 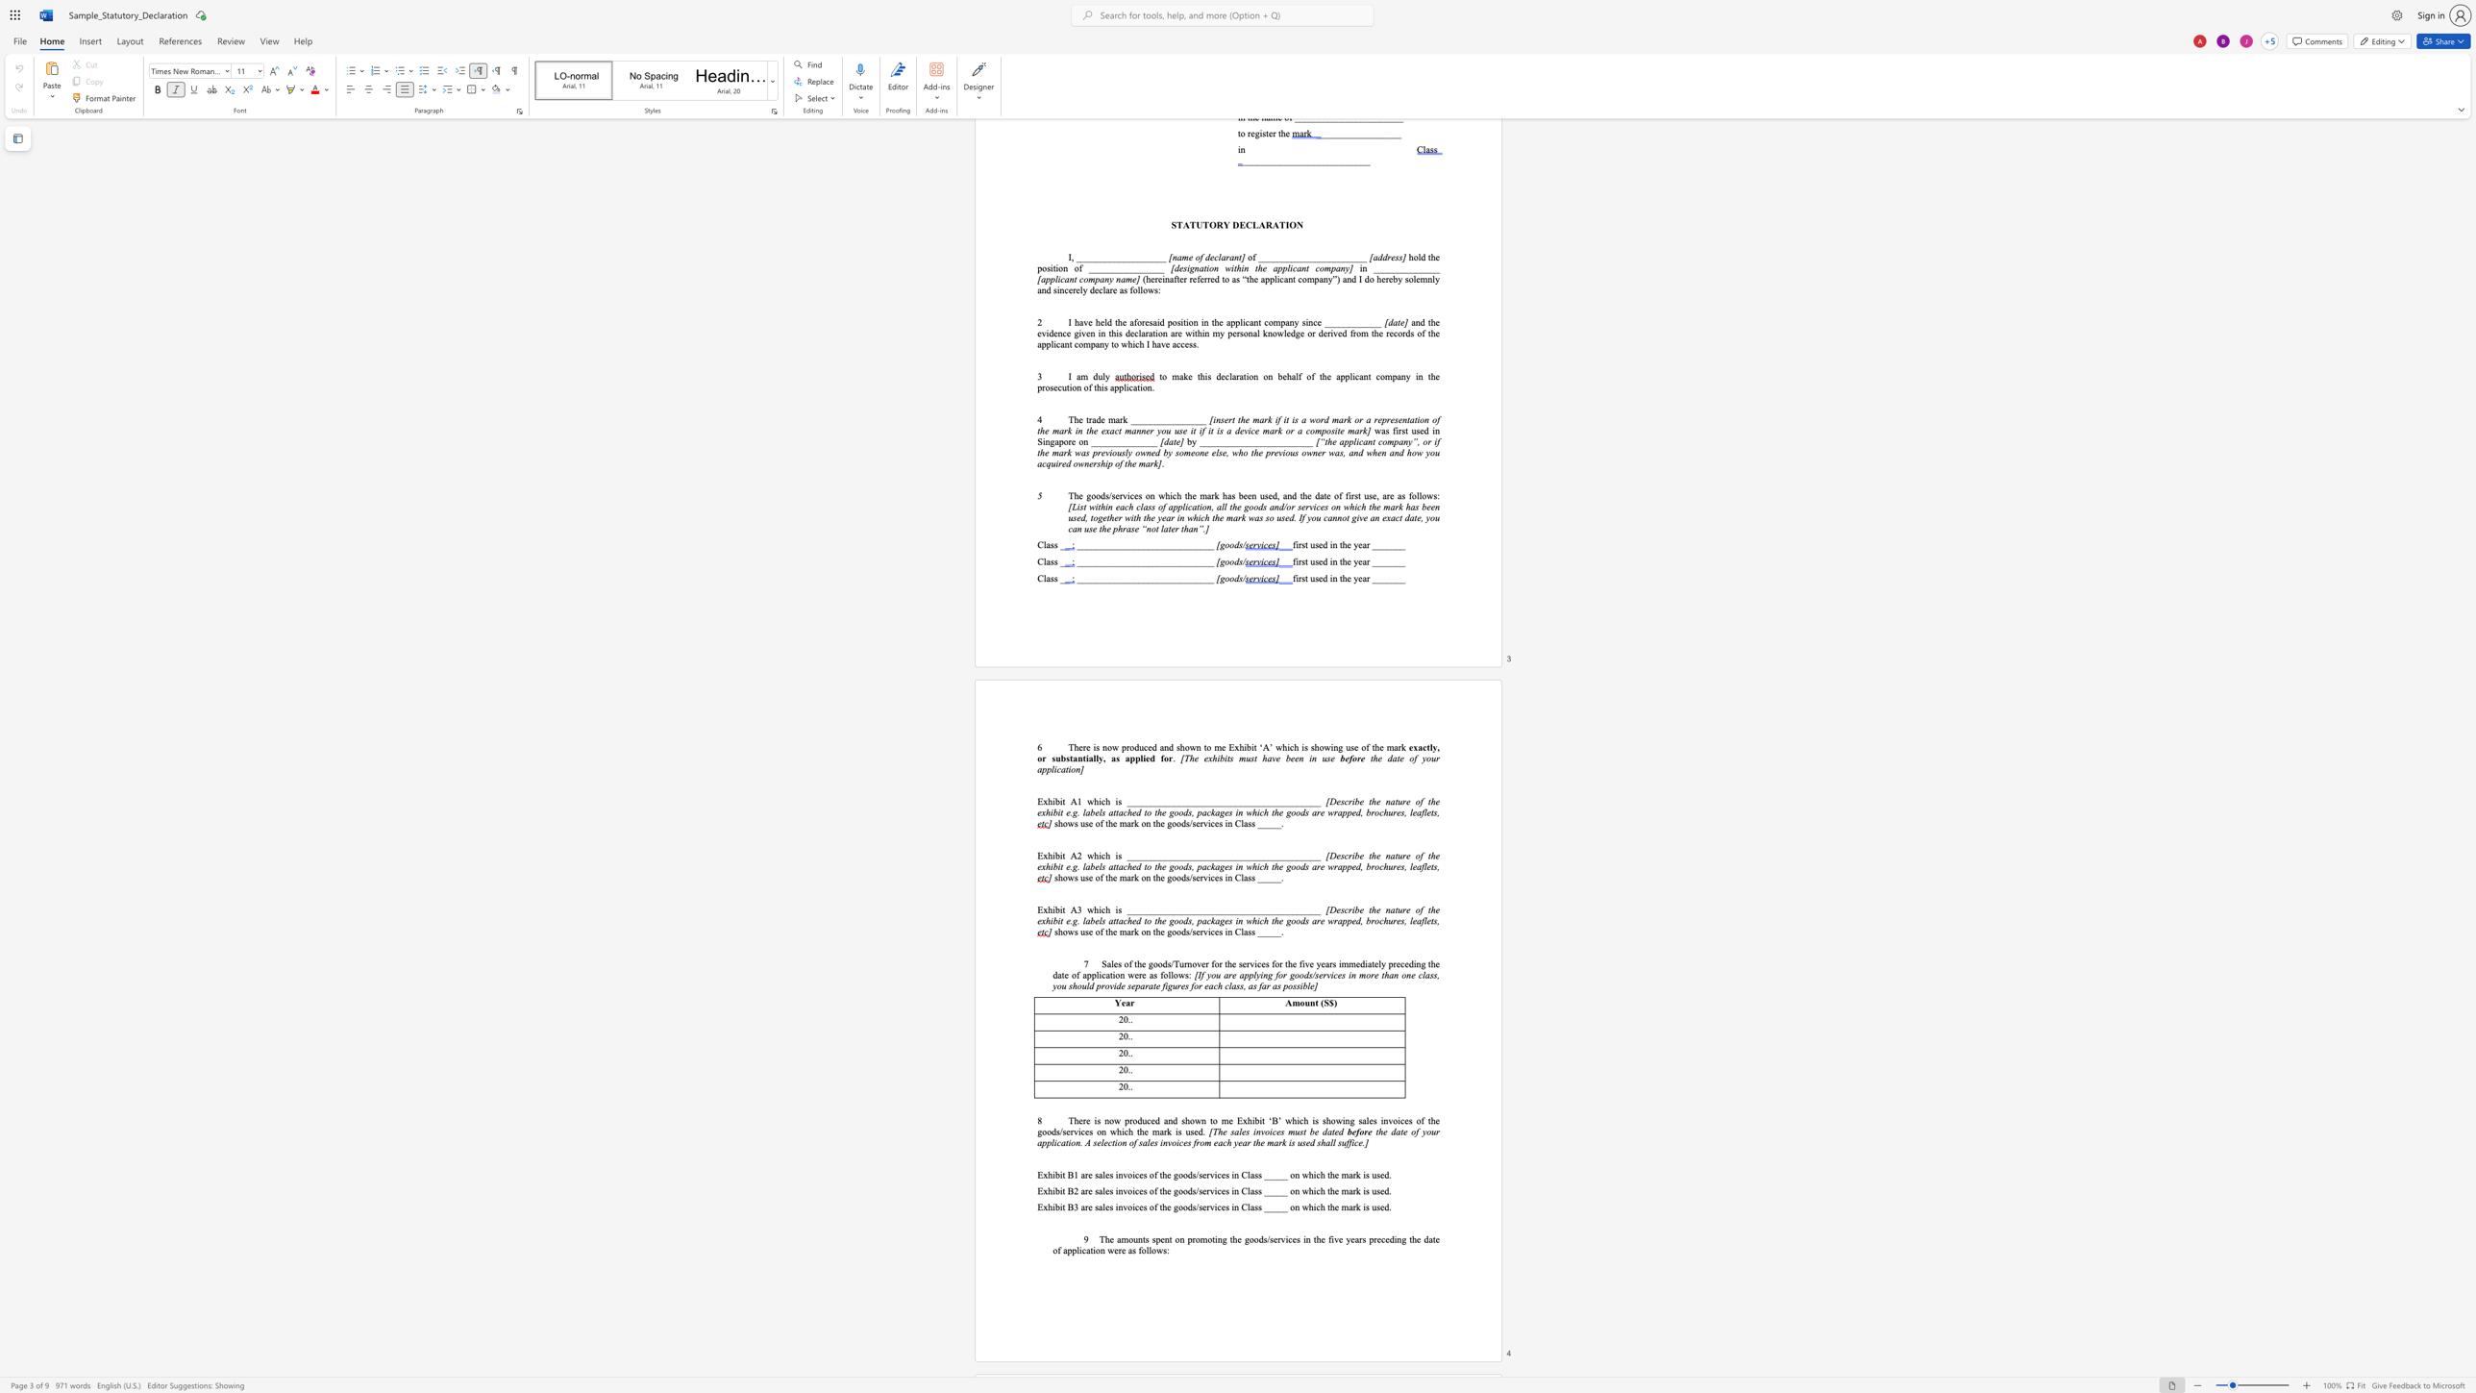 What do you see at coordinates (1342, 856) in the screenshot?
I see `the 1th character "s" in the text` at bounding box center [1342, 856].